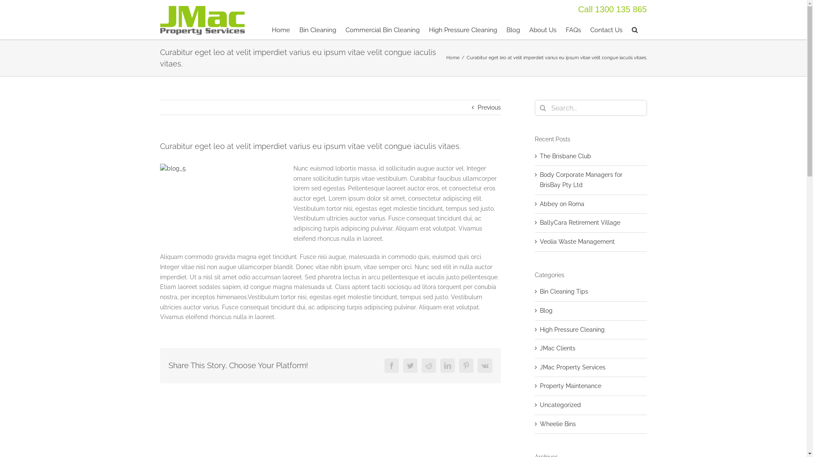 Image resolution: width=813 pixels, height=457 pixels. Describe the element at coordinates (429, 365) in the screenshot. I see `'Reddit'` at that location.